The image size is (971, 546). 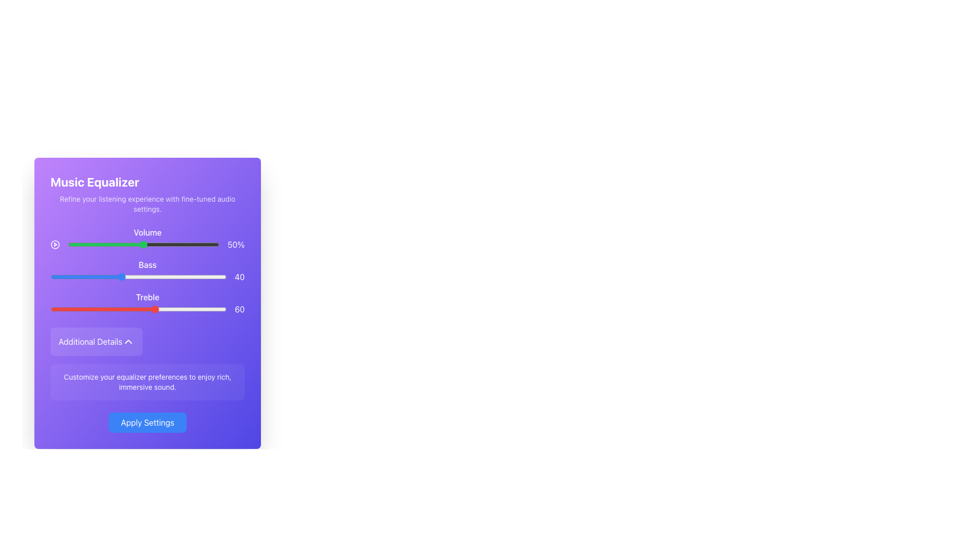 What do you see at coordinates (147, 382) in the screenshot?
I see `text block displaying the message 'Customize your equalizer preferences to enjoy rich, immersive sound.' which is located at the center of the purple card layout, just above the 'Apply Settings' button` at bounding box center [147, 382].